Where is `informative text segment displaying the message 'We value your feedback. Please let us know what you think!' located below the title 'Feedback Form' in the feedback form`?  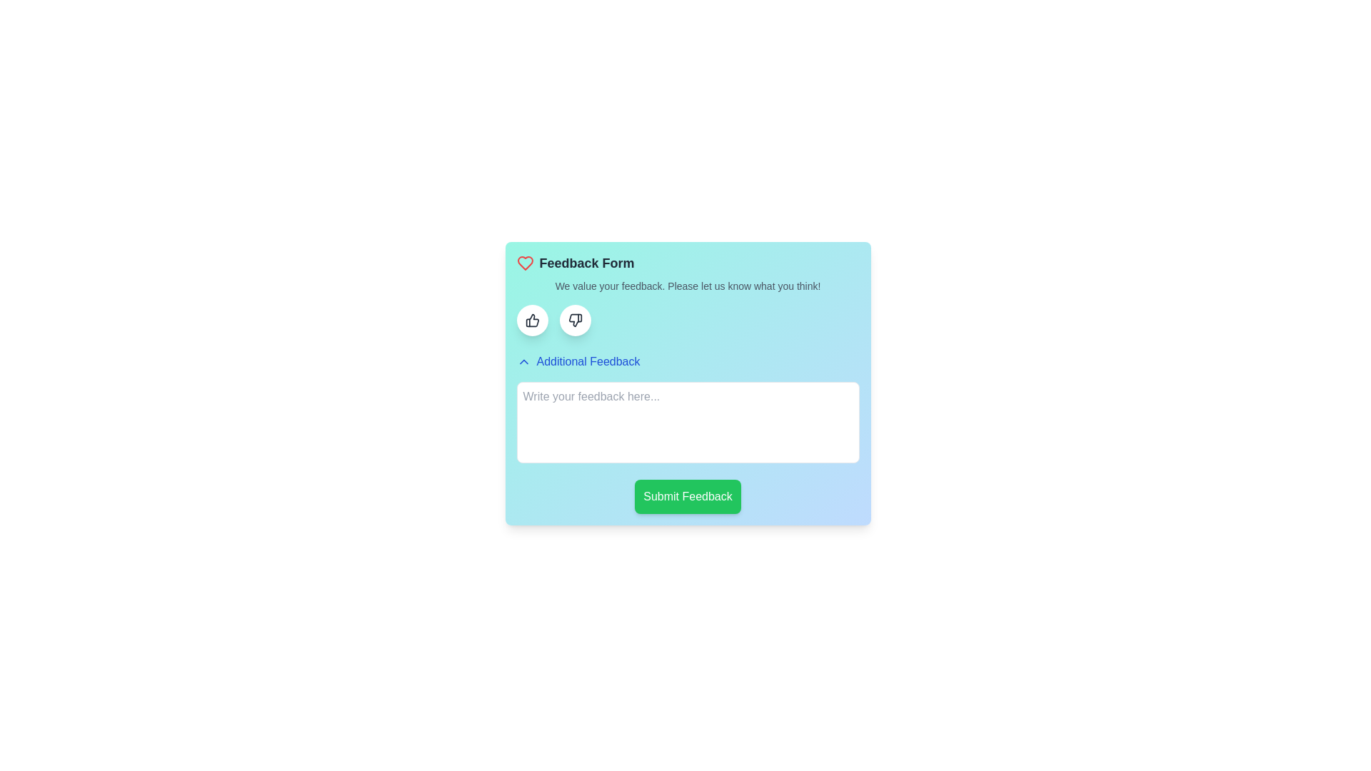
informative text segment displaying the message 'We value your feedback. Please let us know what you think!' located below the title 'Feedback Form' in the feedback form is located at coordinates (688, 286).